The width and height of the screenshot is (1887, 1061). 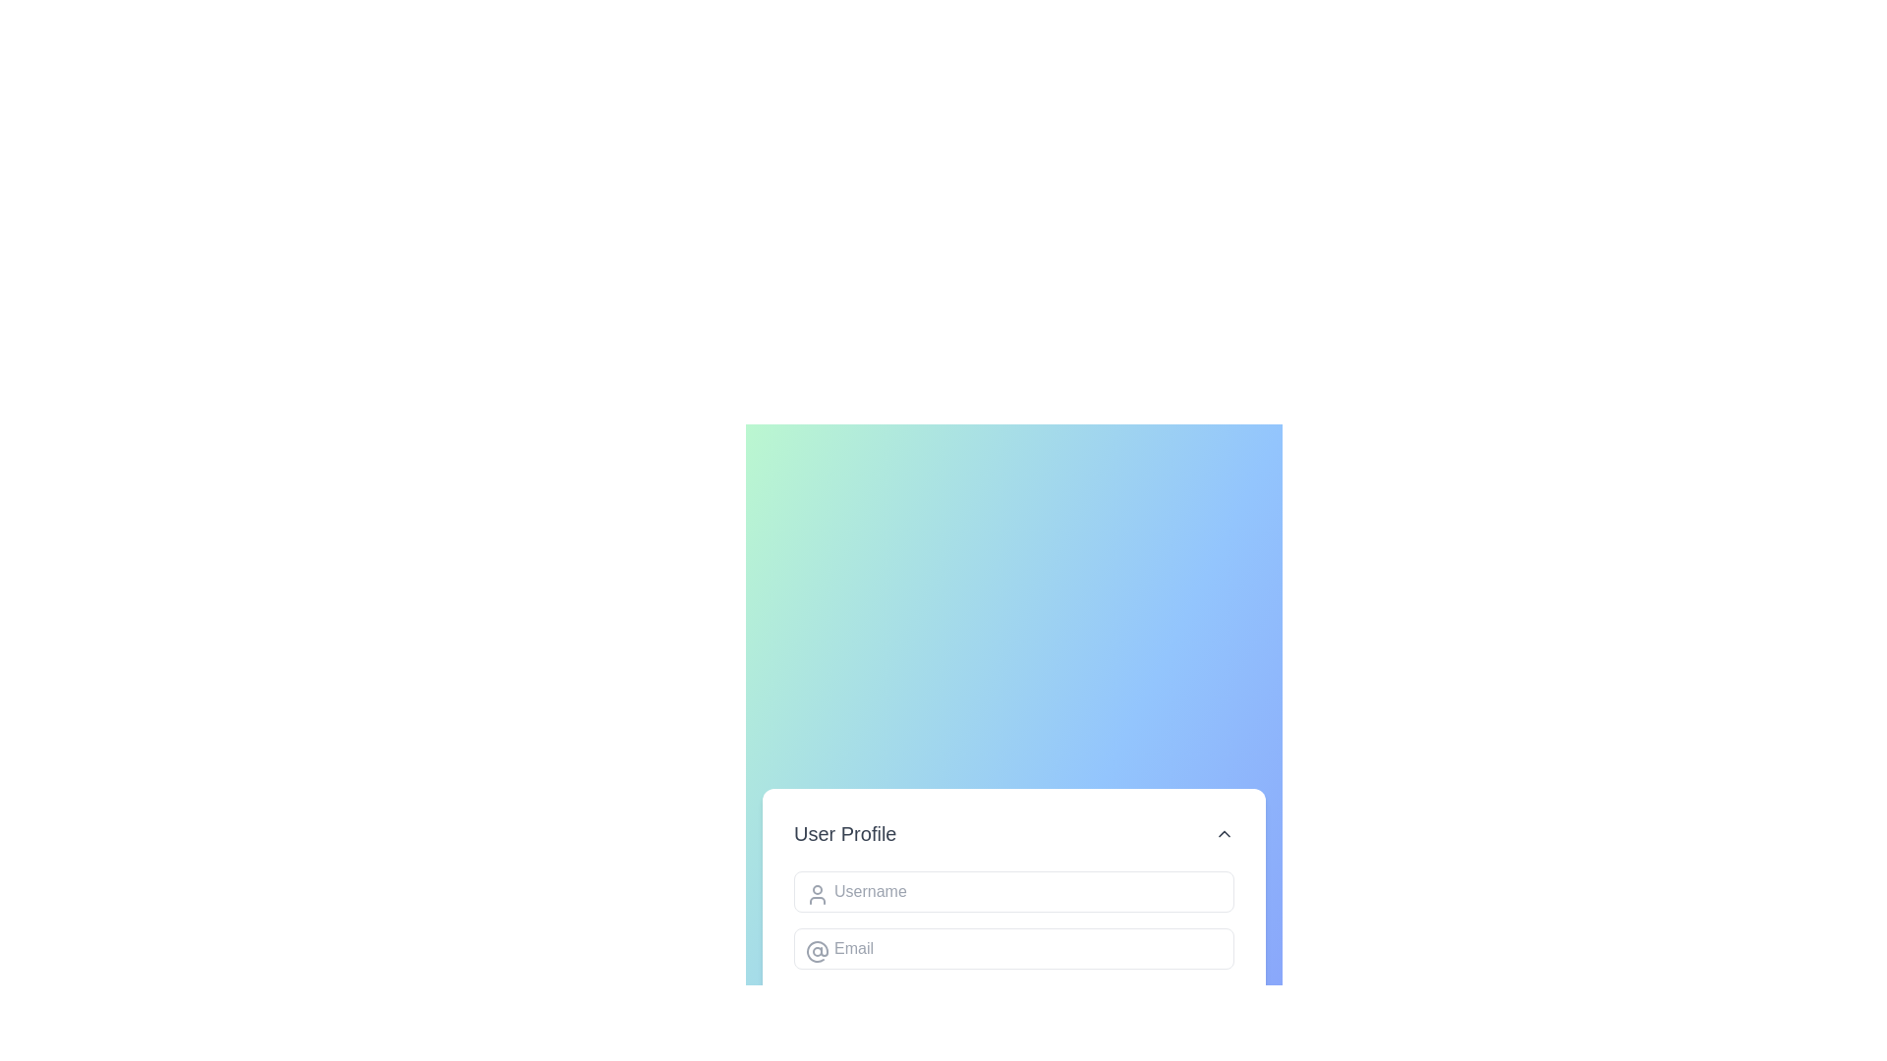 What do you see at coordinates (817, 950) in the screenshot?
I see `the '@' icon element used to signify email, which is positioned near the left edge of the email input field` at bounding box center [817, 950].